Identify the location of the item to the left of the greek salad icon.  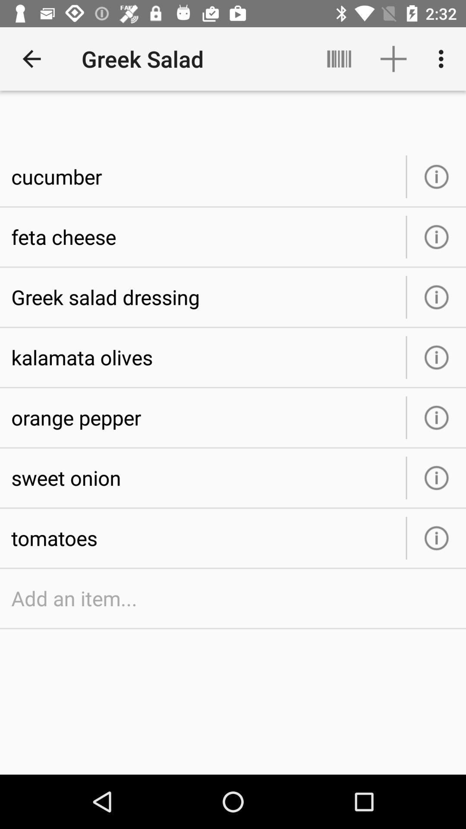
(31, 58).